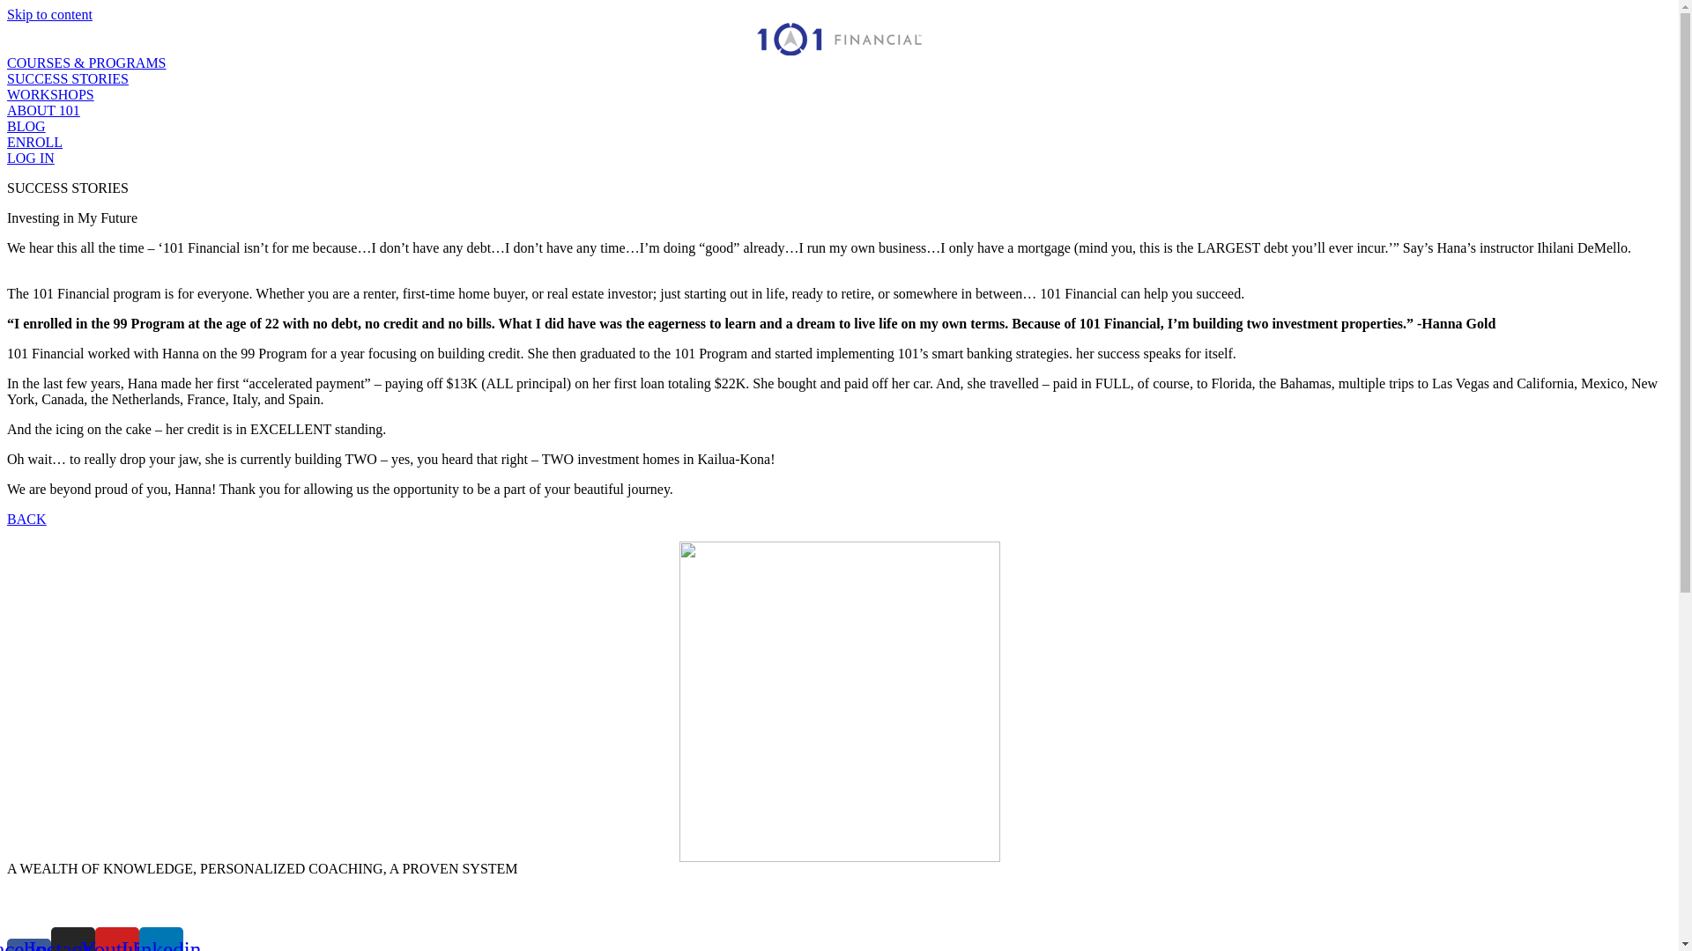  What do you see at coordinates (30, 157) in the screenshot?
I see `'LOG IN'` at bounding box center [30, 157].